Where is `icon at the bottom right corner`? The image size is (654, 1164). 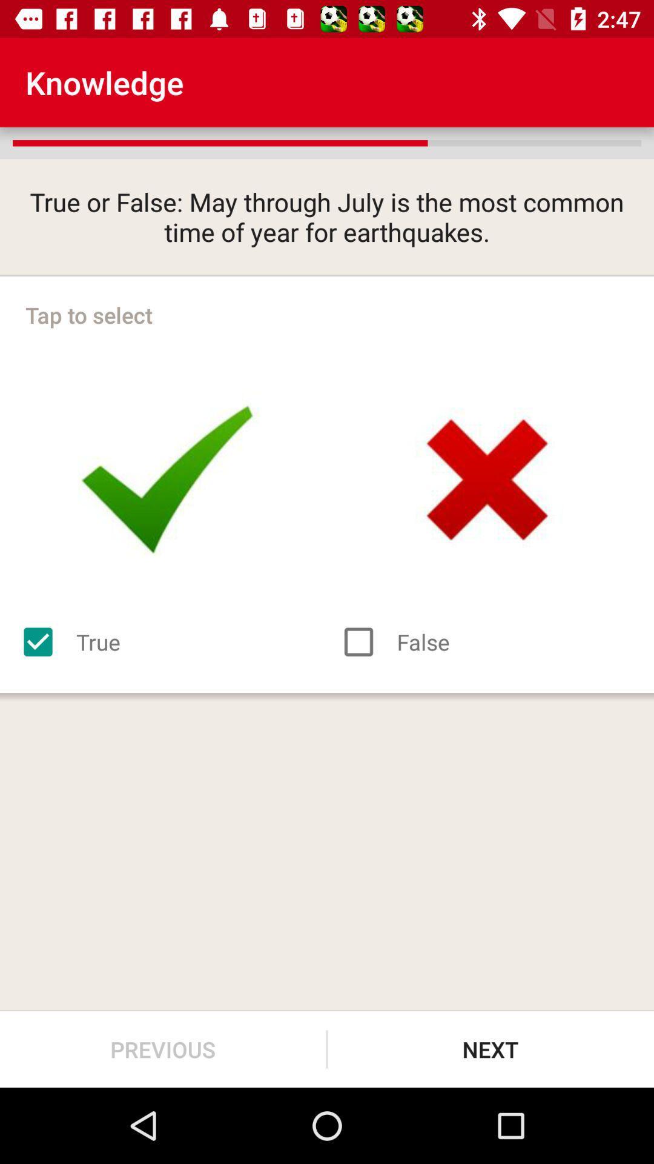
icon at the bottom right corner is located at coordinates (490, 1049).